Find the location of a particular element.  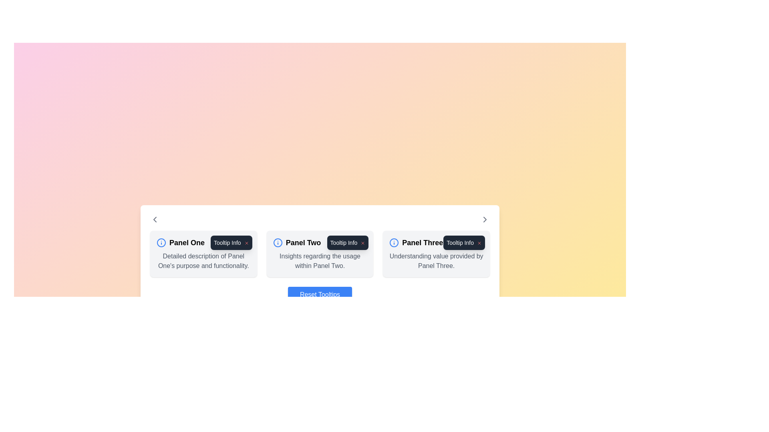

the rectangular button with a blue background and white text reading 'Reset Tooltips' located at the bottom center of the white panel is located at coordinates (319, 294).